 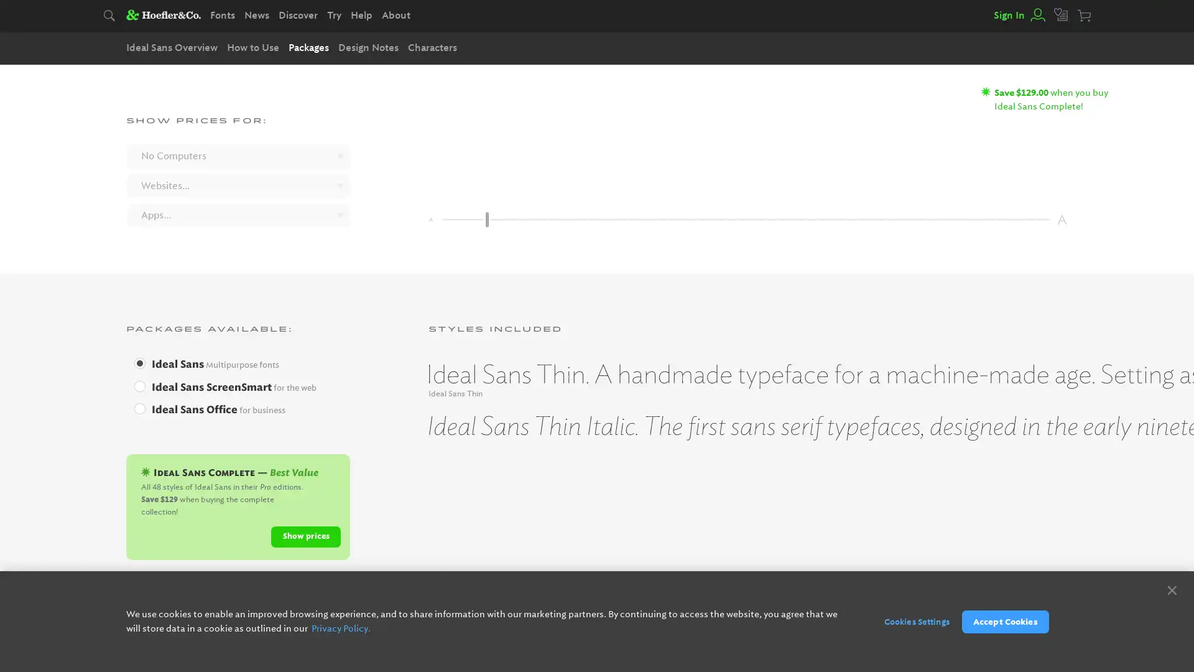 What do you see at coordinates (1171, 589) in the screenshot?
I see `Close` at bounding box center [1171, 589].